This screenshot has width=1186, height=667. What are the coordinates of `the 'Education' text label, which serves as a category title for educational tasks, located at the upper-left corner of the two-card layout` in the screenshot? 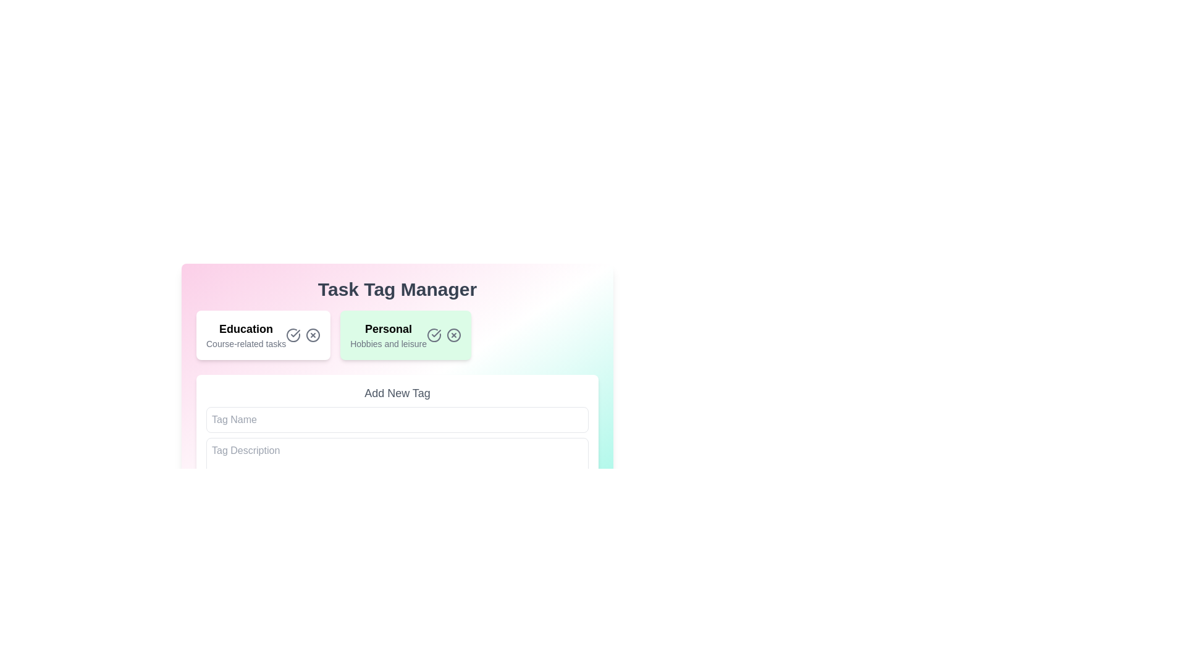 It's located at (246, 328).